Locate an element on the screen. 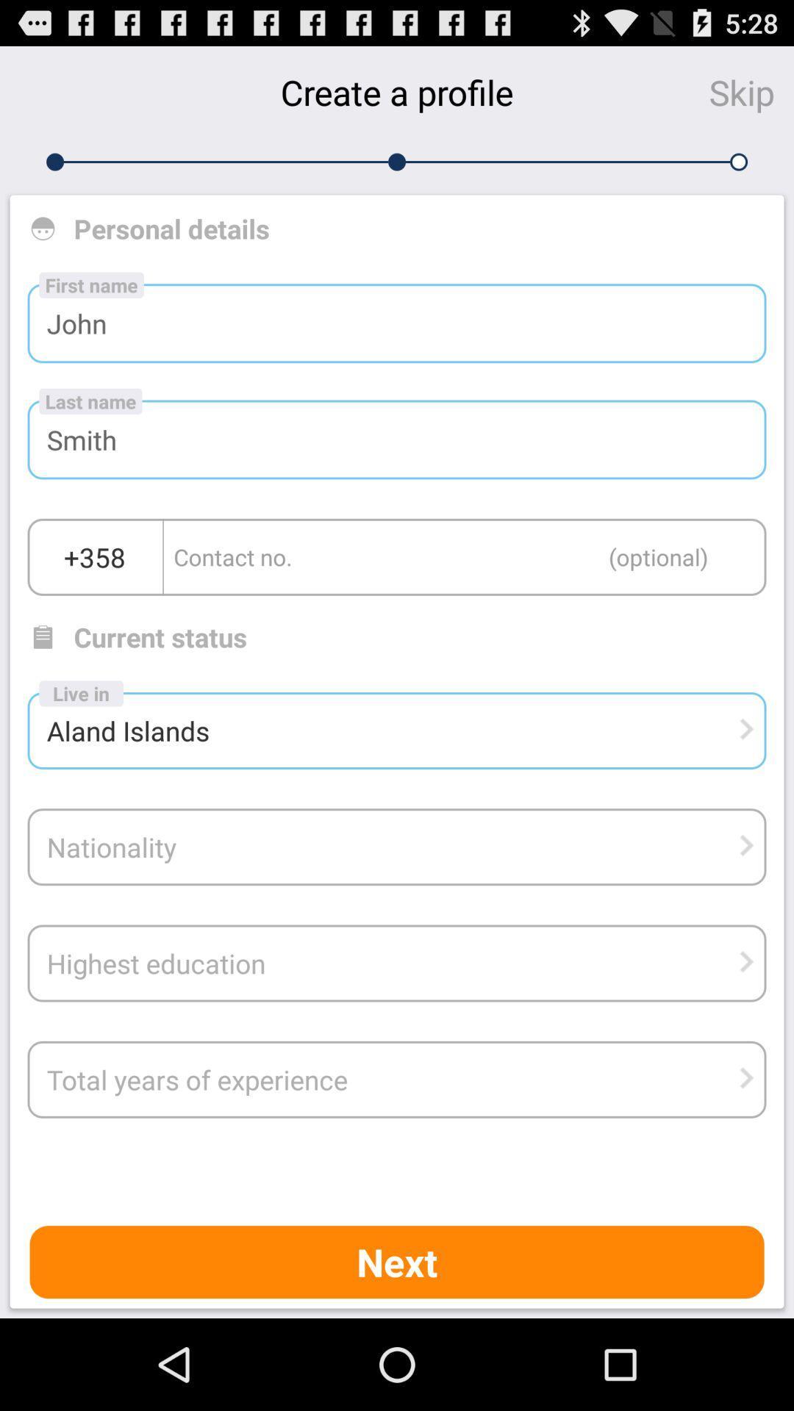 The height and width of the screenshot is (1411, 794). telefone number is located at coordinates (465, 556).